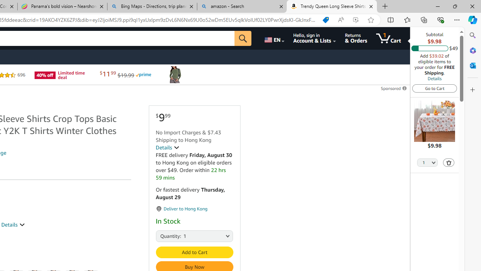  I want to click on 'Delete', so click(449, 162).